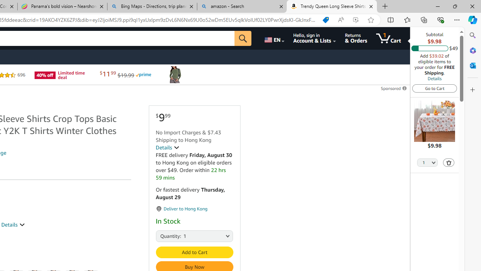  I want to click on 'Delete', so click(449, 162).